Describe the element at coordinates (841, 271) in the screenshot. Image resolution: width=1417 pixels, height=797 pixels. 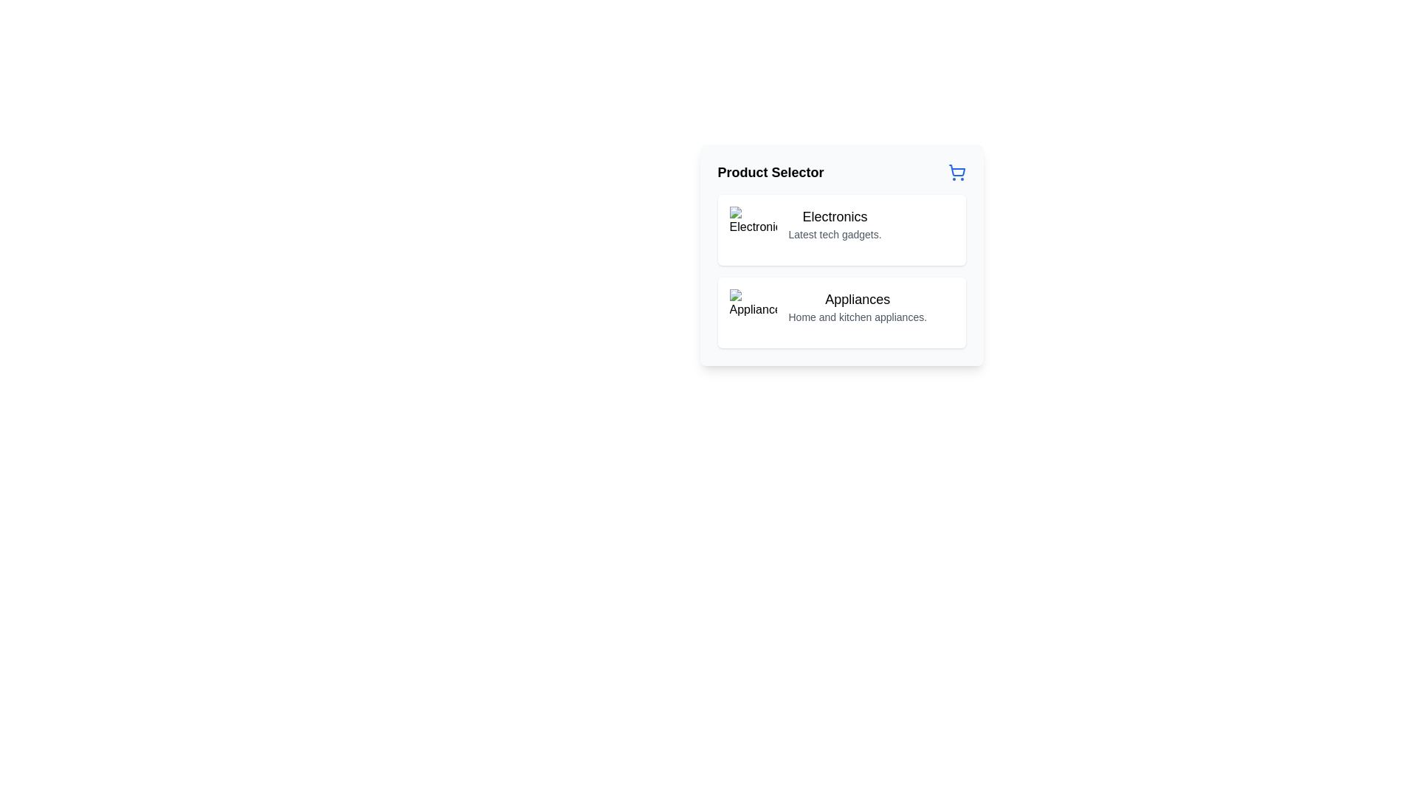
I see `the section containing the interactive items labeled 'Electronics' and 'Appliances'` at that location.